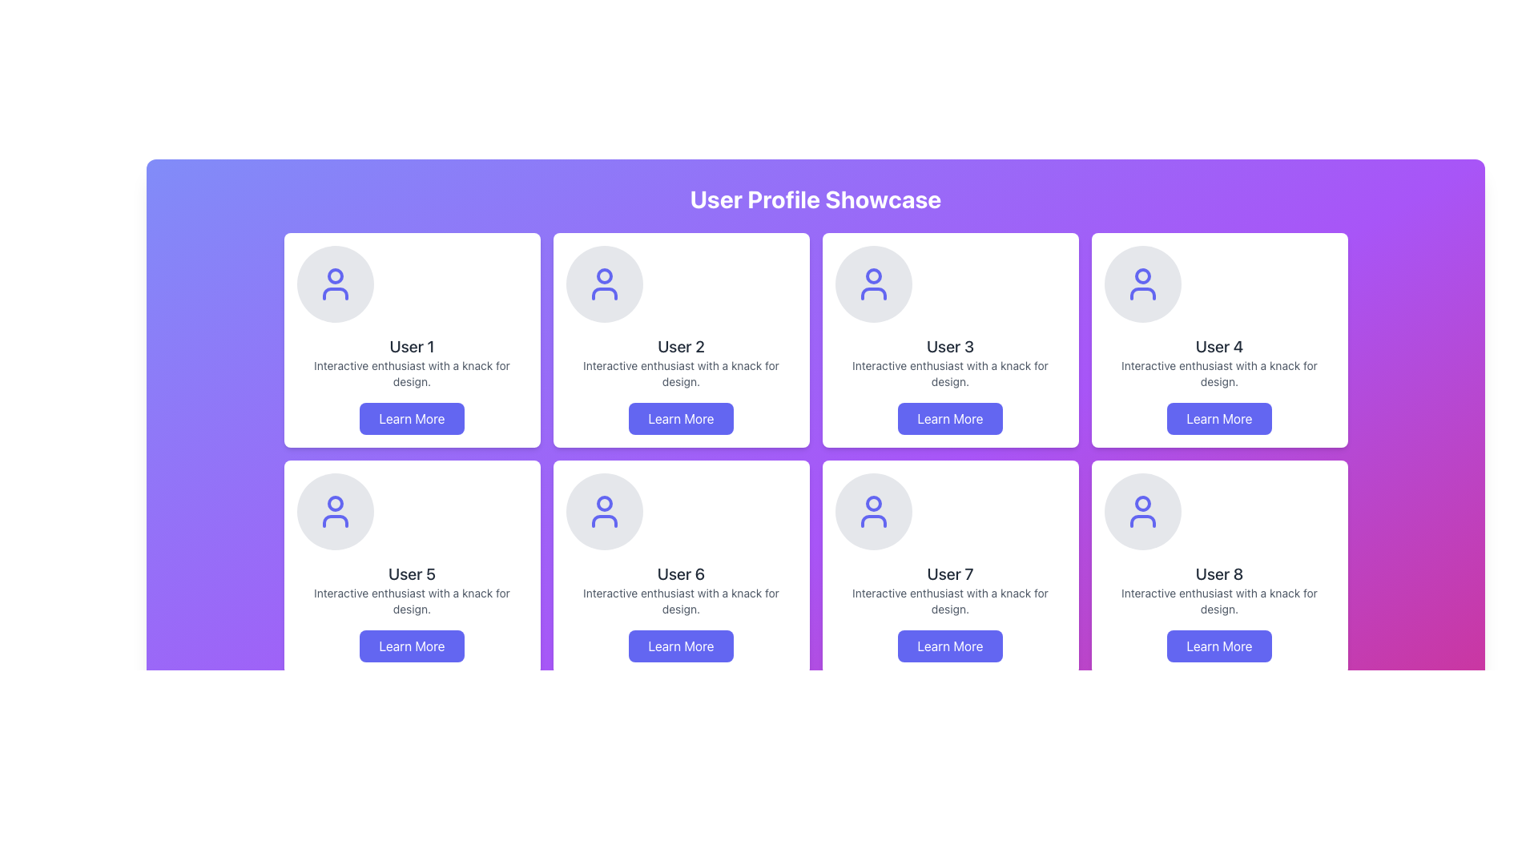 This screenshot has height=865, width=1538. Describe the element at coordinates (950, 645) in the screenshot. I see `the button located at the bottom center of the 'User 7' card to observe the style change` at that location.